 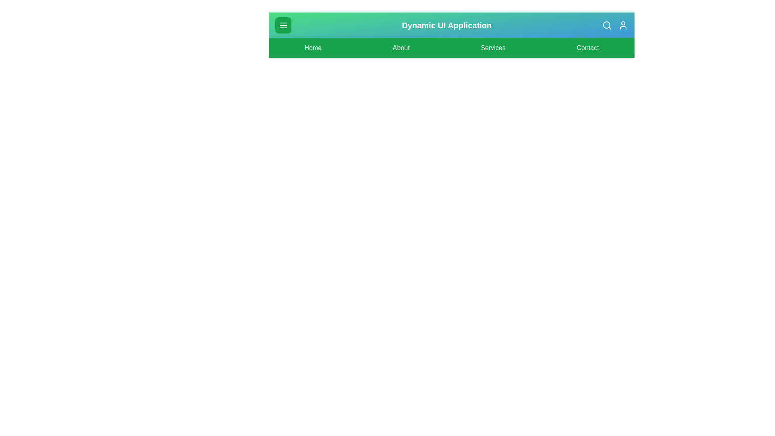 What do you see at coordinates (401, 48) in the screenshot?
I see `the navigation link labeled About` at bounding box center [401, 48].